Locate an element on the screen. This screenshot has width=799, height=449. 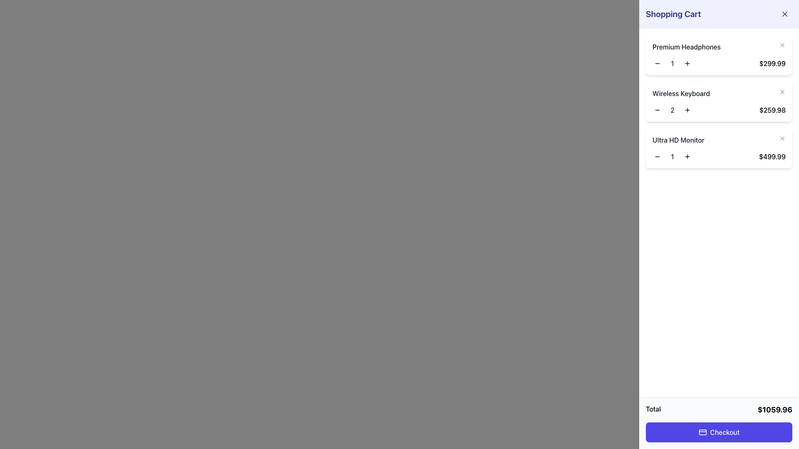
the quantity display element for the 'Ultra HD Monitor' product in the shopping cart, positioned between the '-' and '+' buttons is located at coordinates (672, 157).